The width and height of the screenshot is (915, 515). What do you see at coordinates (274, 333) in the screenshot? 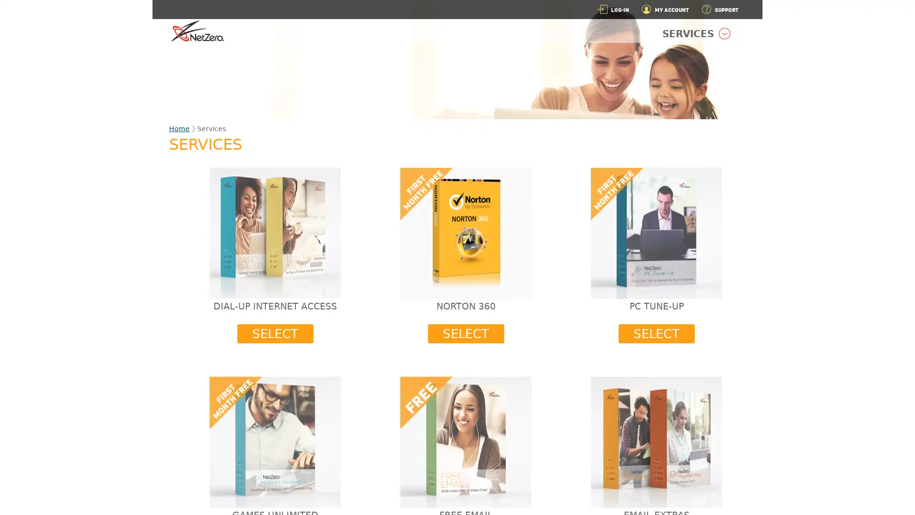
I see `SELECT` at bounding box center [274, 333].